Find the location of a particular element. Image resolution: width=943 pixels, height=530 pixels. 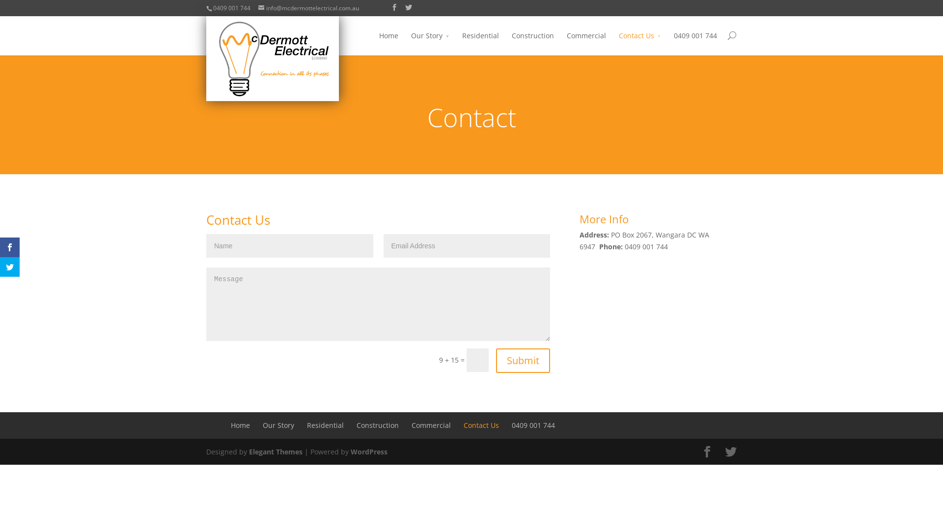

'Residential' is located at coordinates (325, 424).